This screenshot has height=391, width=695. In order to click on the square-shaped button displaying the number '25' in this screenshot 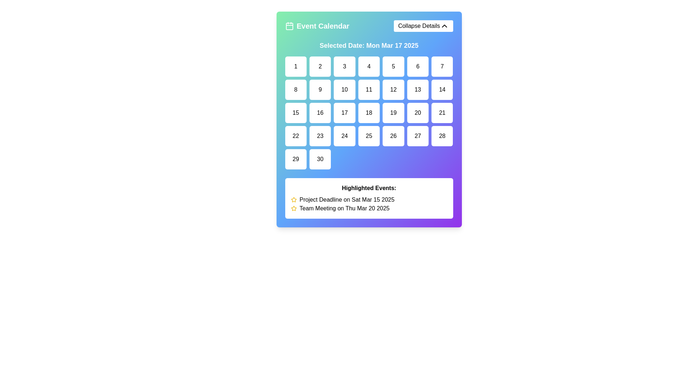, I will do `click(369, 136)`.